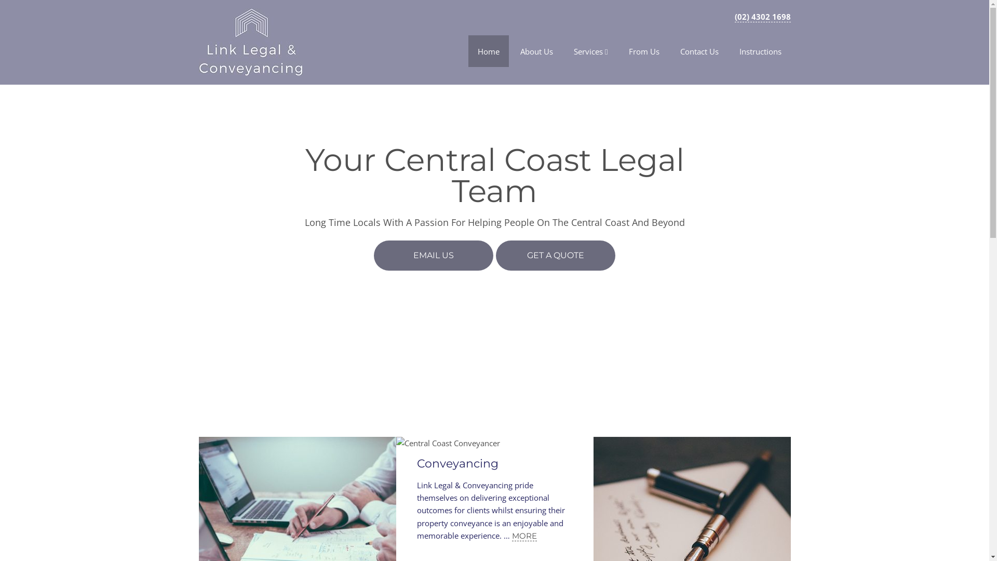 This screenshot has height=561, width=997. I want to click on 'Conveyancing', so click(457, 463).